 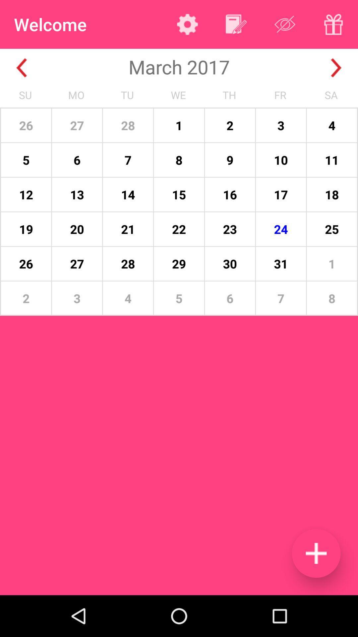 I want to click on settings option, so click(x=187, y=24).